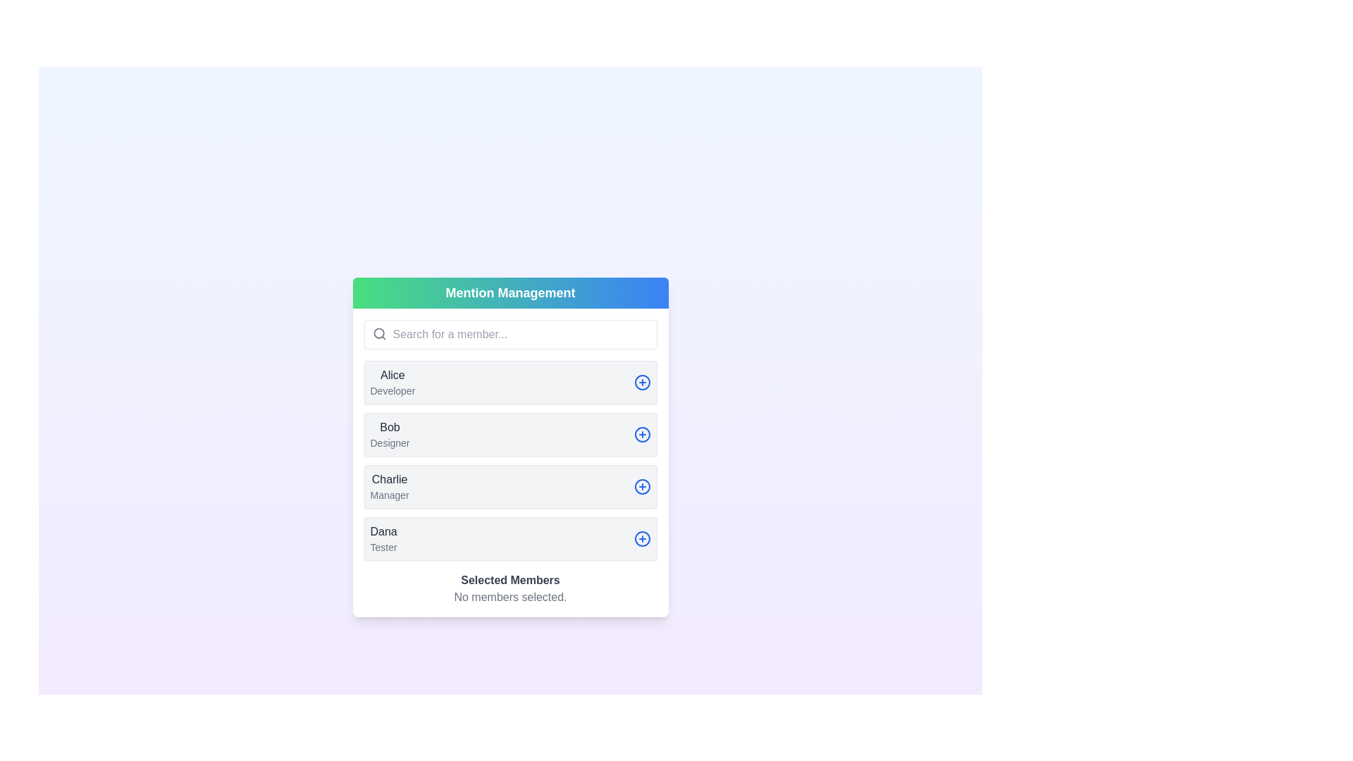  What do you see at coordinates (509, 485) in the screenshot?
I see `the list item representing the member 'Charlie', who is a 'Manager', to select it` at bounding box center [509, 485].